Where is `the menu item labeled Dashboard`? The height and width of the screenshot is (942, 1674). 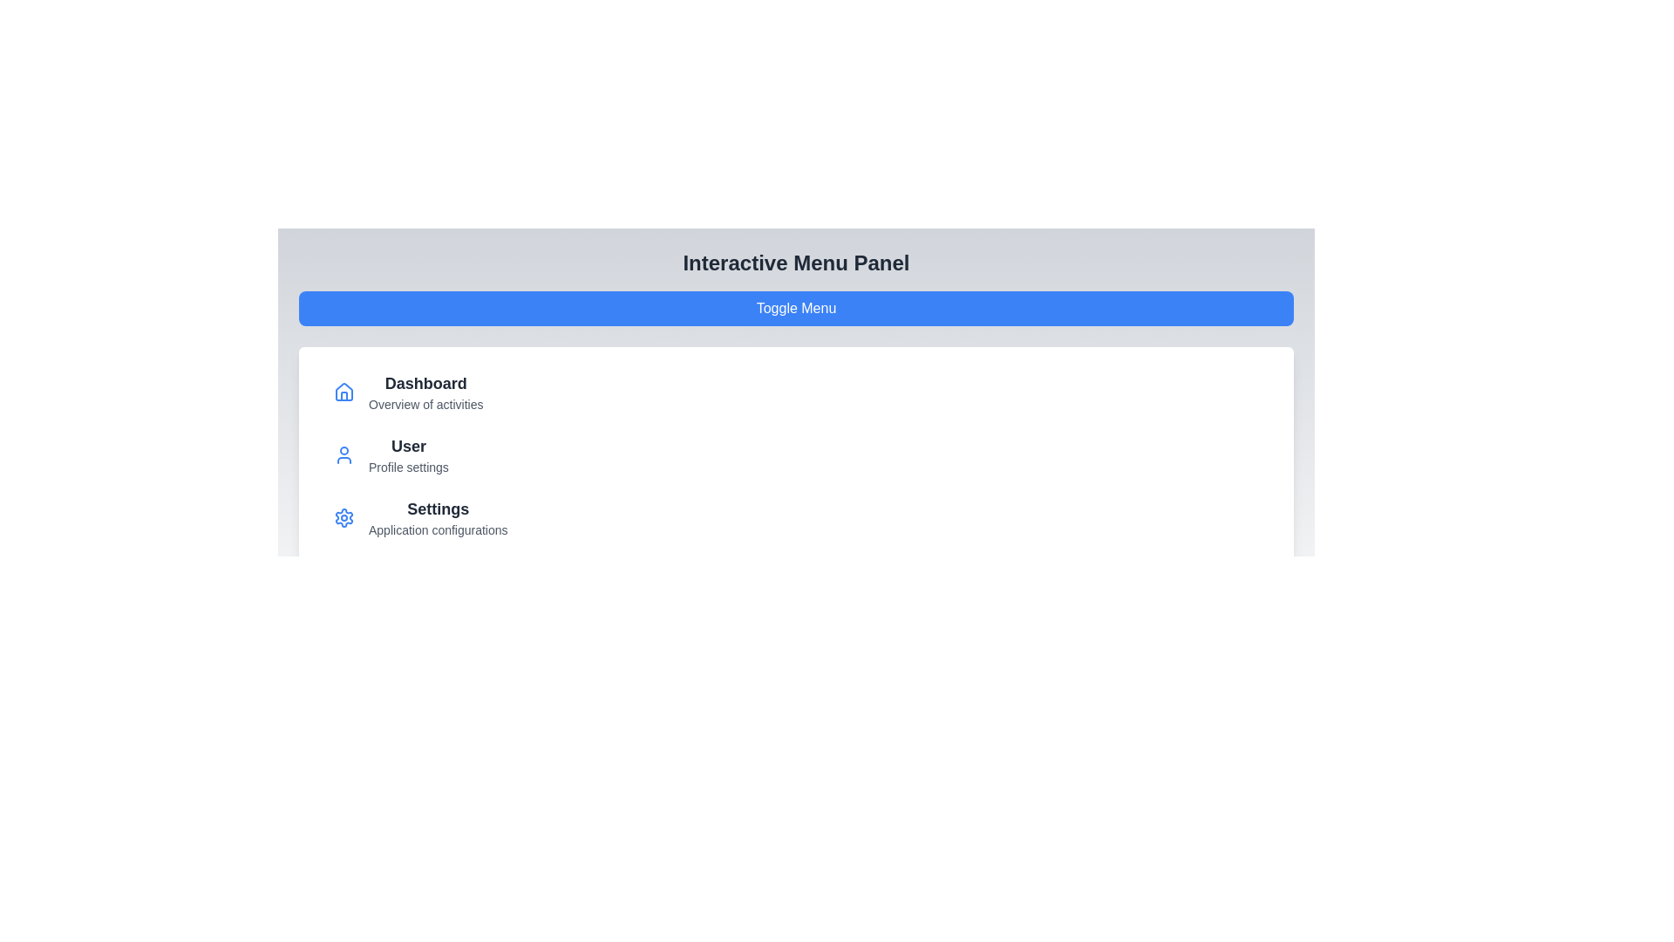 the menu item labeled Dashboard is located at coordinates (425, 382).